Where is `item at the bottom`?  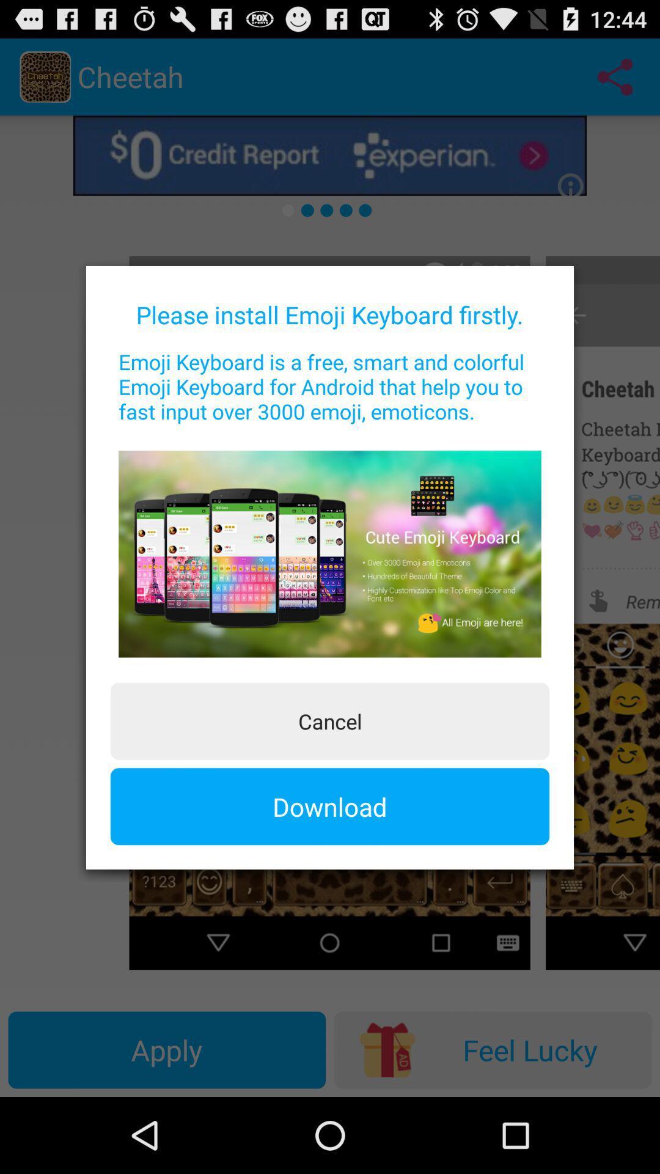 item at the bottom is located at coordinates (330, 807).